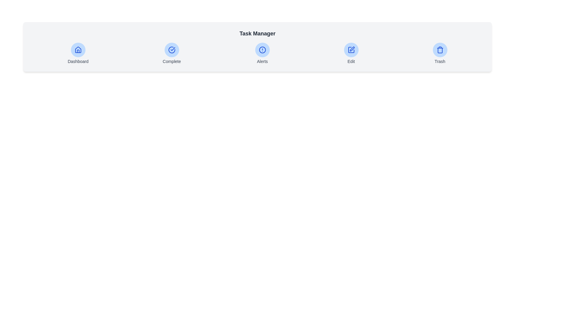 Image resolution: width=582 pixels, height=327 pixels. Describe the element at coordinates (440, 53) in the screenshot. I see `the fifth icon button in the horizontally aligned menu bar to the right of the 'Edit' element` at that location.